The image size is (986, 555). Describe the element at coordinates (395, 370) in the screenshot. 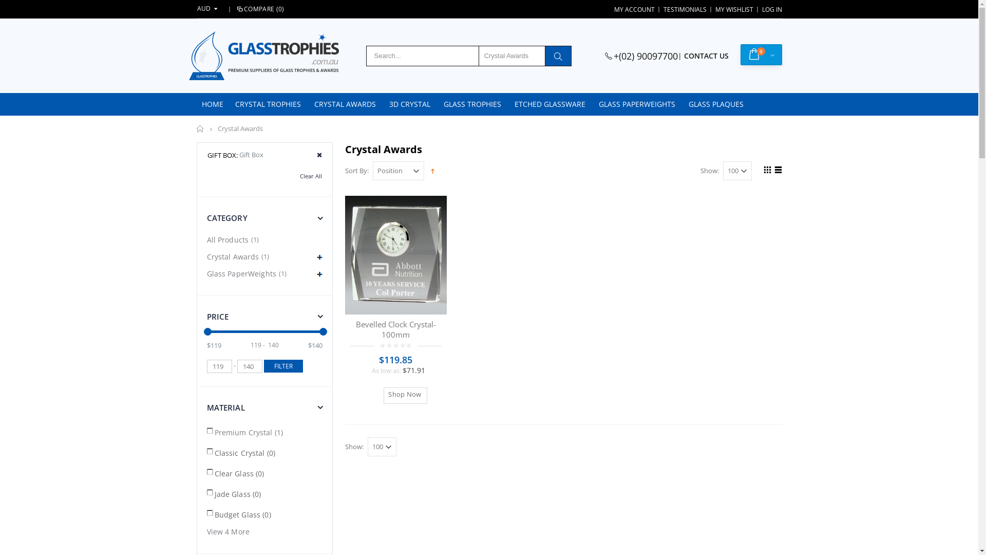

I see `'As low as: $71.91'` at that location.